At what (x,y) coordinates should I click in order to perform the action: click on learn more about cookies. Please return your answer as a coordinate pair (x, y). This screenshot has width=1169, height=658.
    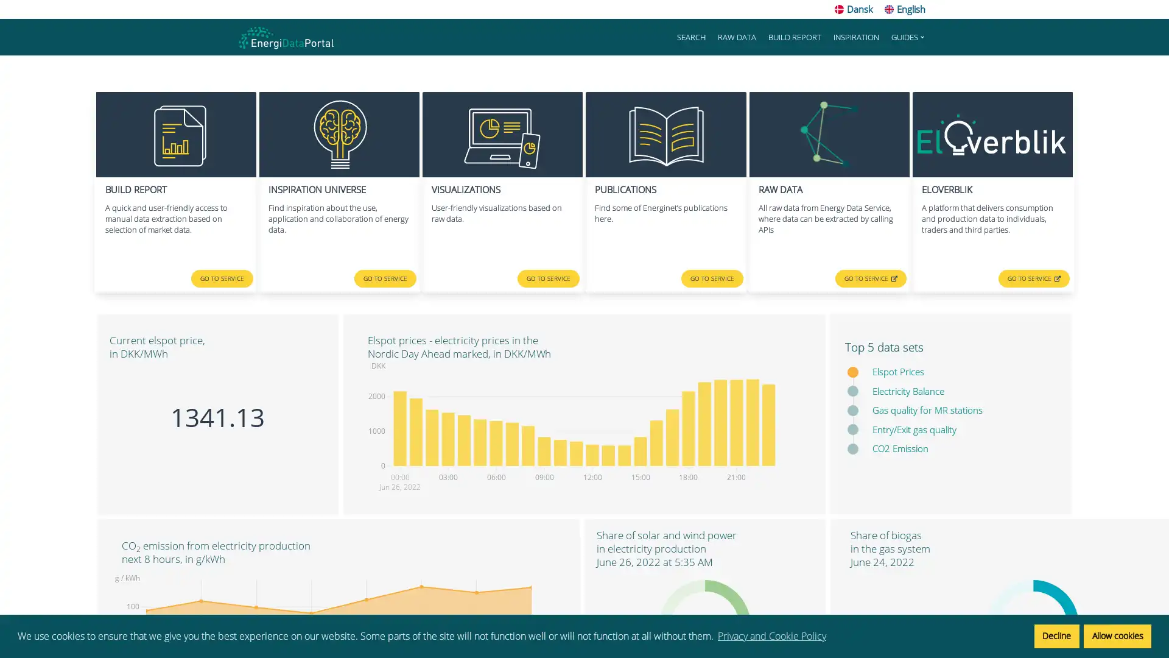
    Looking at the image, I should click on (771, 635).